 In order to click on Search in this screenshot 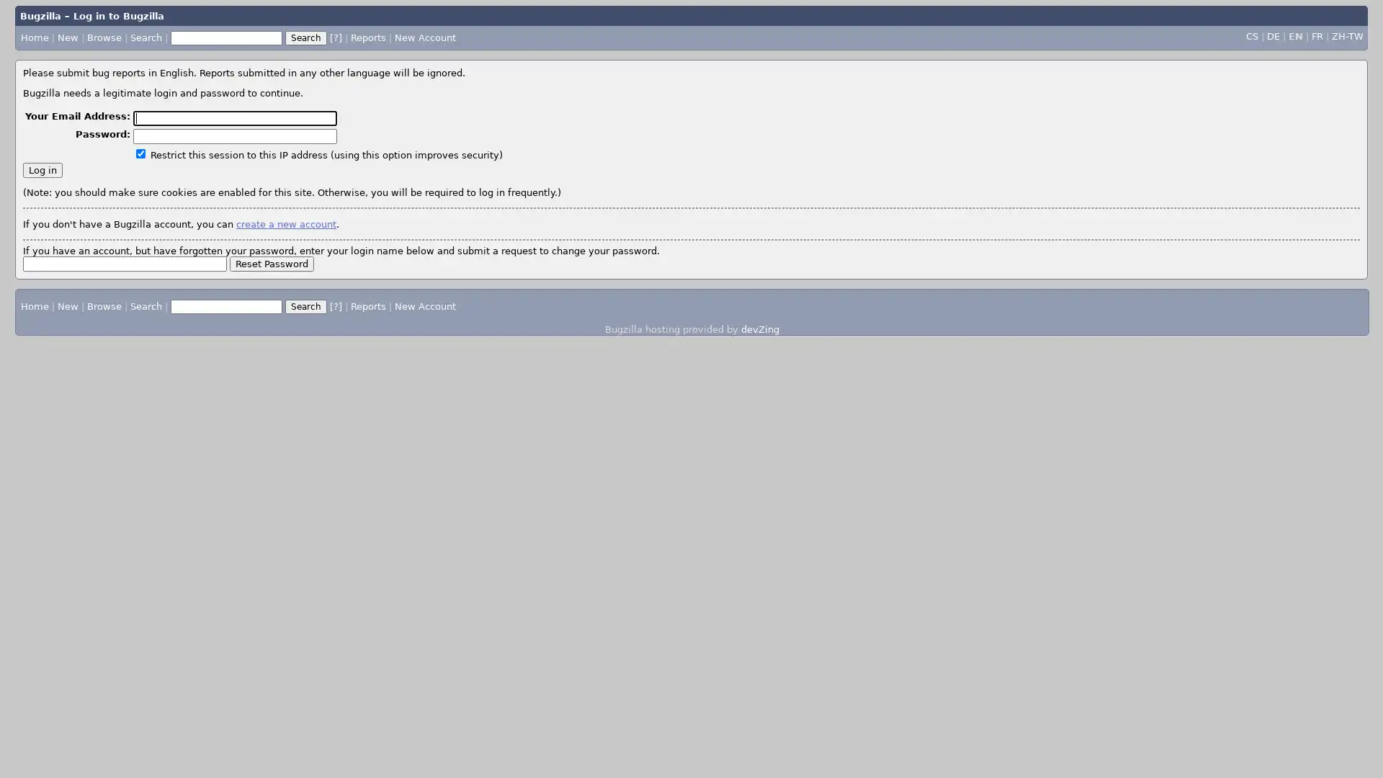, I will do `click(304, 36)`.